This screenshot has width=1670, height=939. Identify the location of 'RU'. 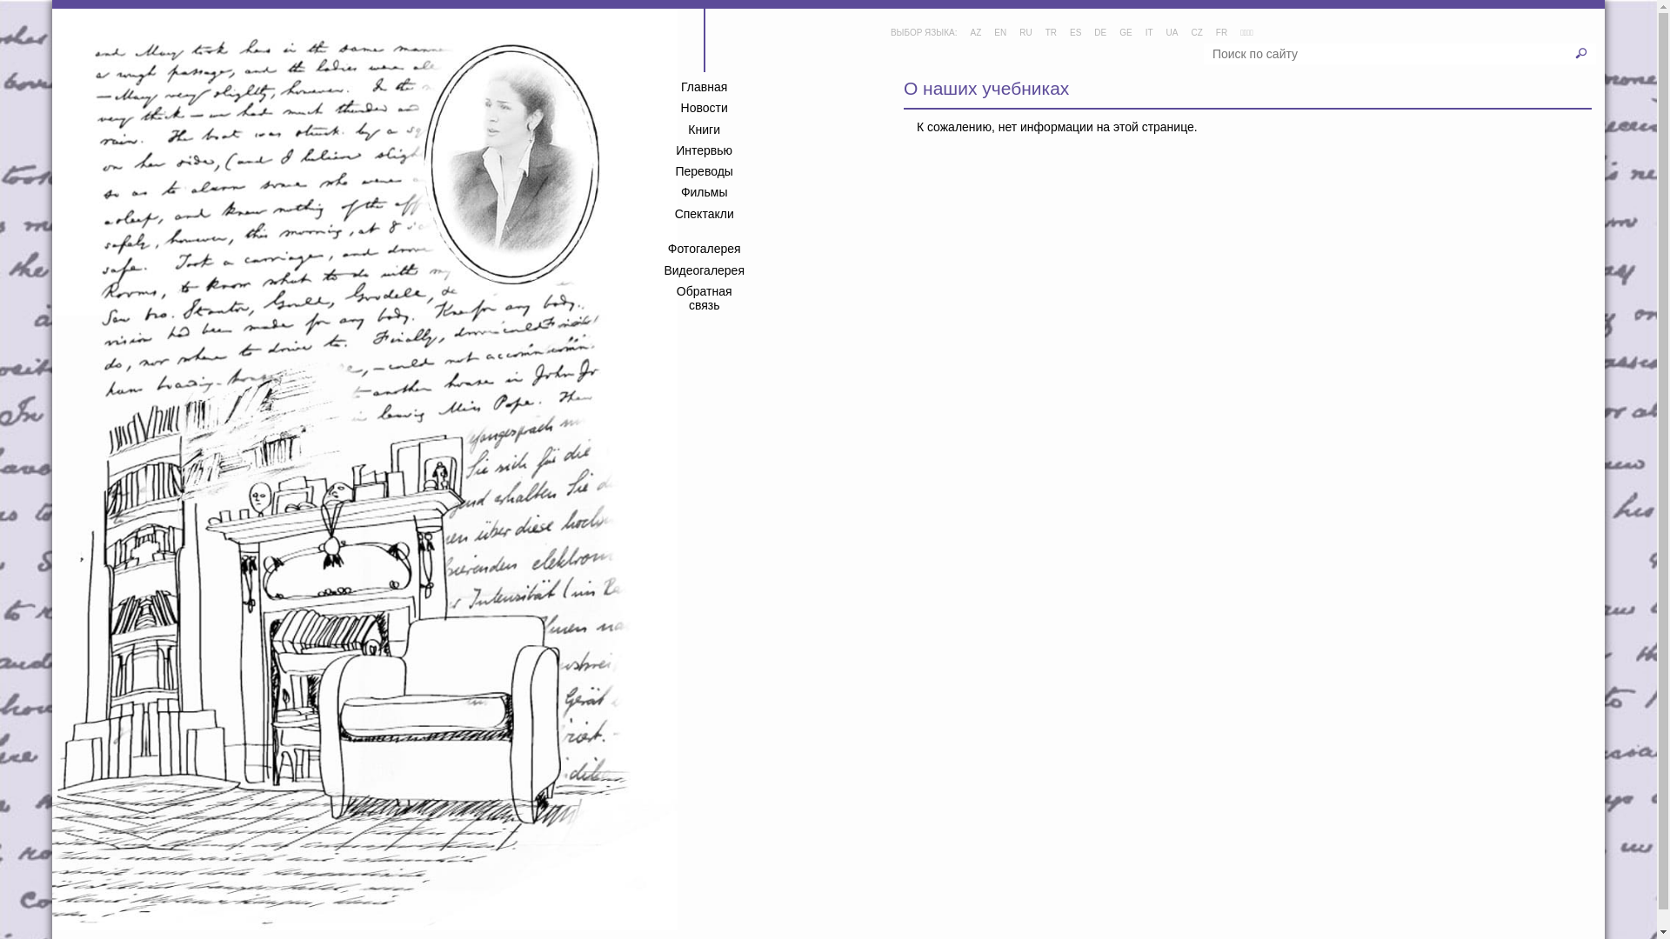
(1025, 33).